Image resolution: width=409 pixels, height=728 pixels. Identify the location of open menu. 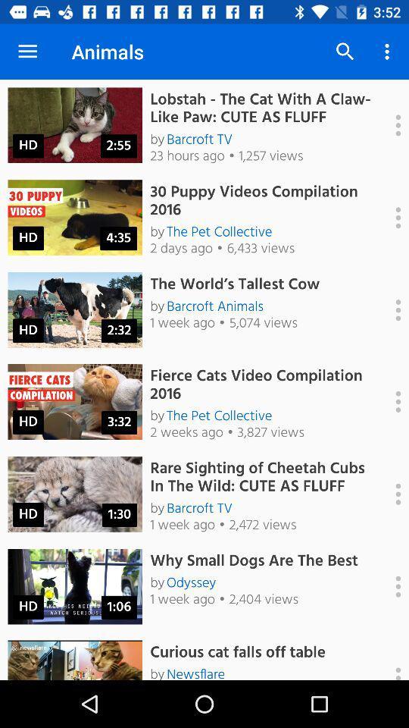
(390, 493).